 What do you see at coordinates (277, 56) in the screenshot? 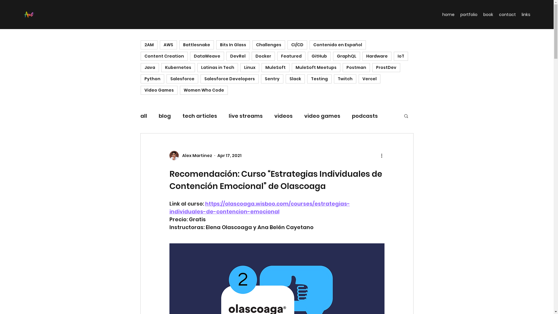
I see `'Featured'` at bounding box center [277, 56].